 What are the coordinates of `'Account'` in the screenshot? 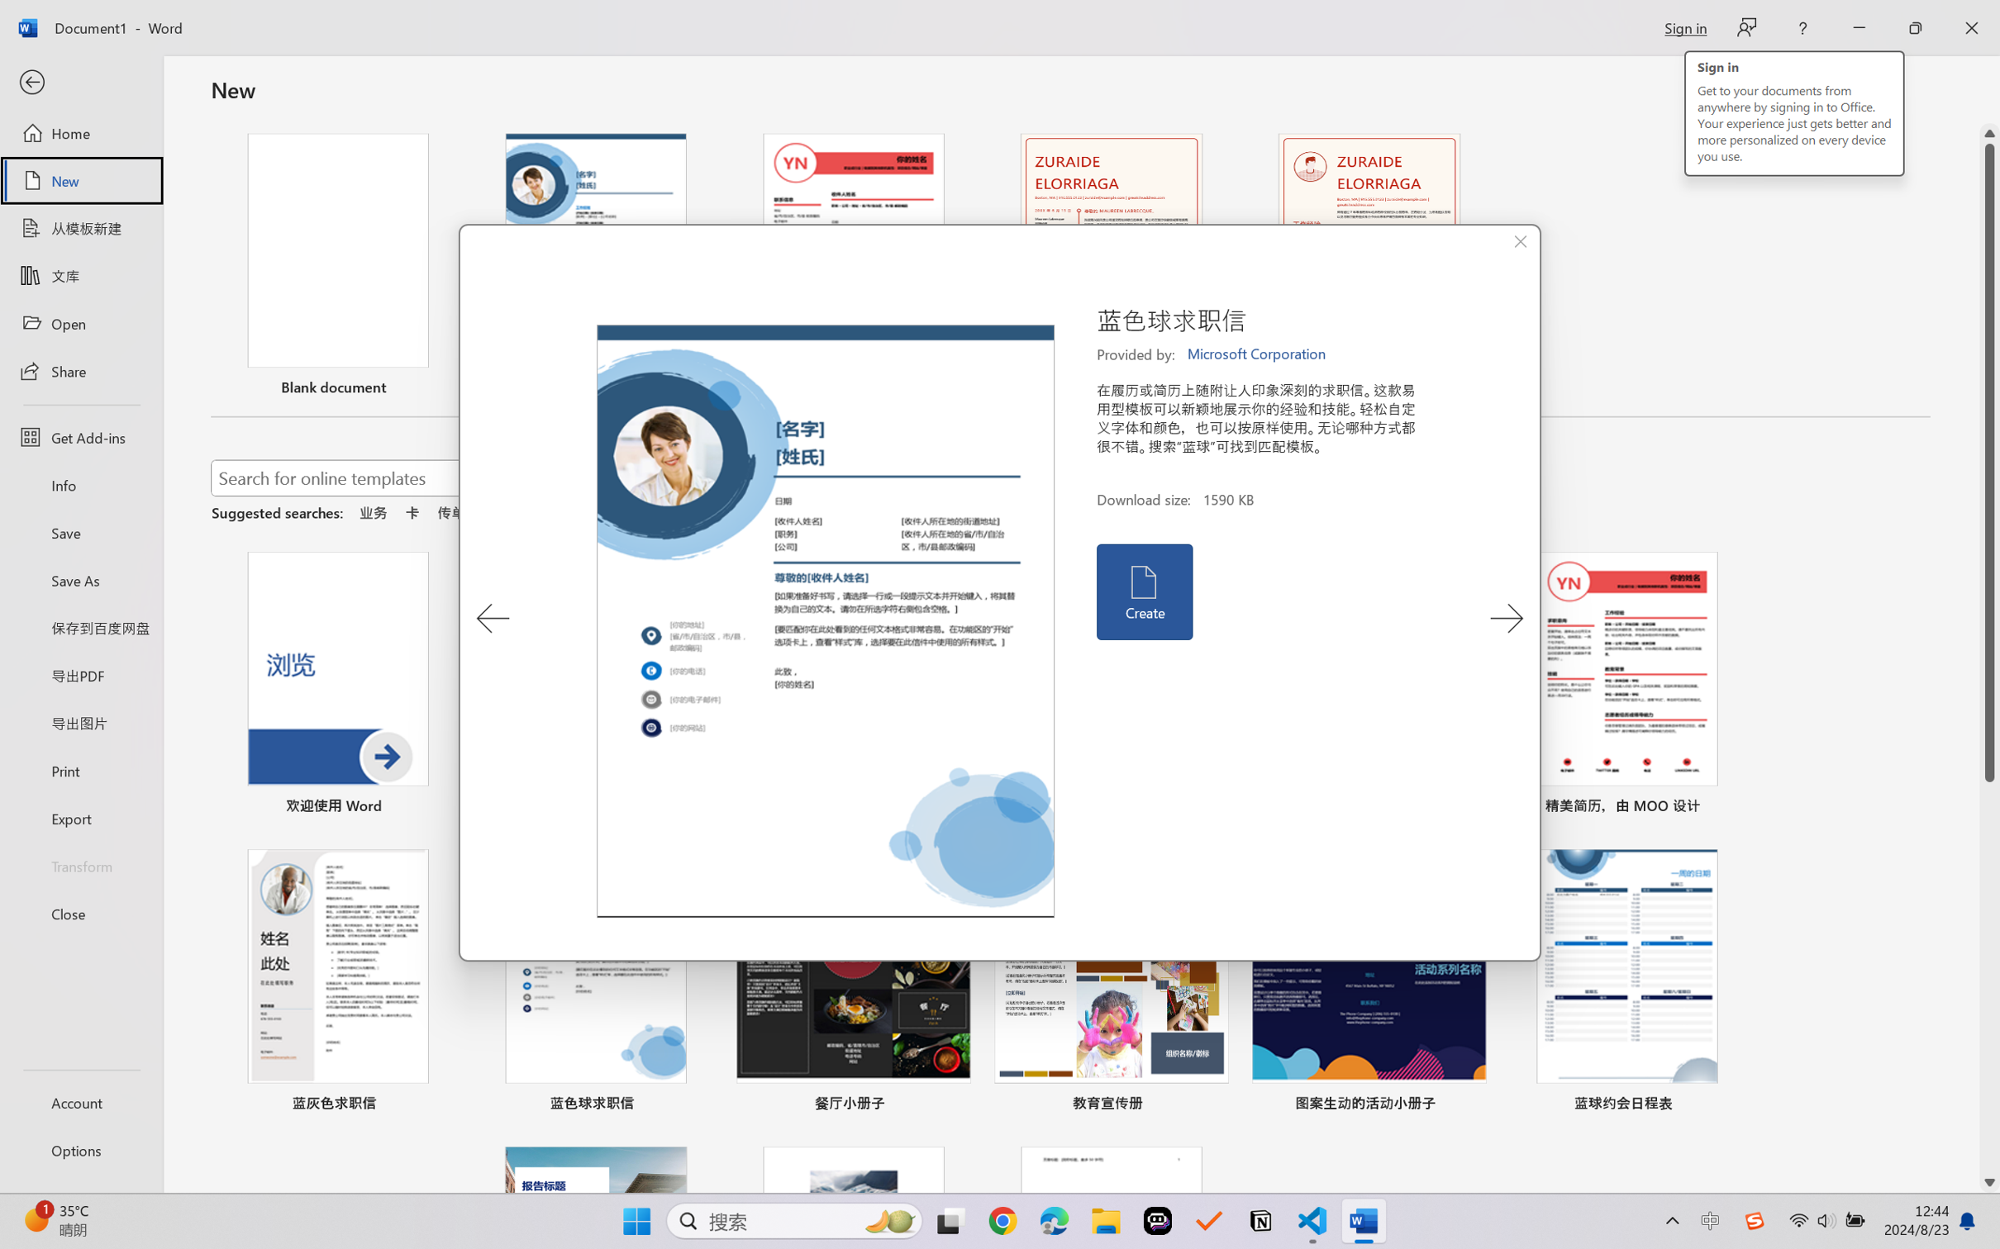 It's located at (80, 1102).